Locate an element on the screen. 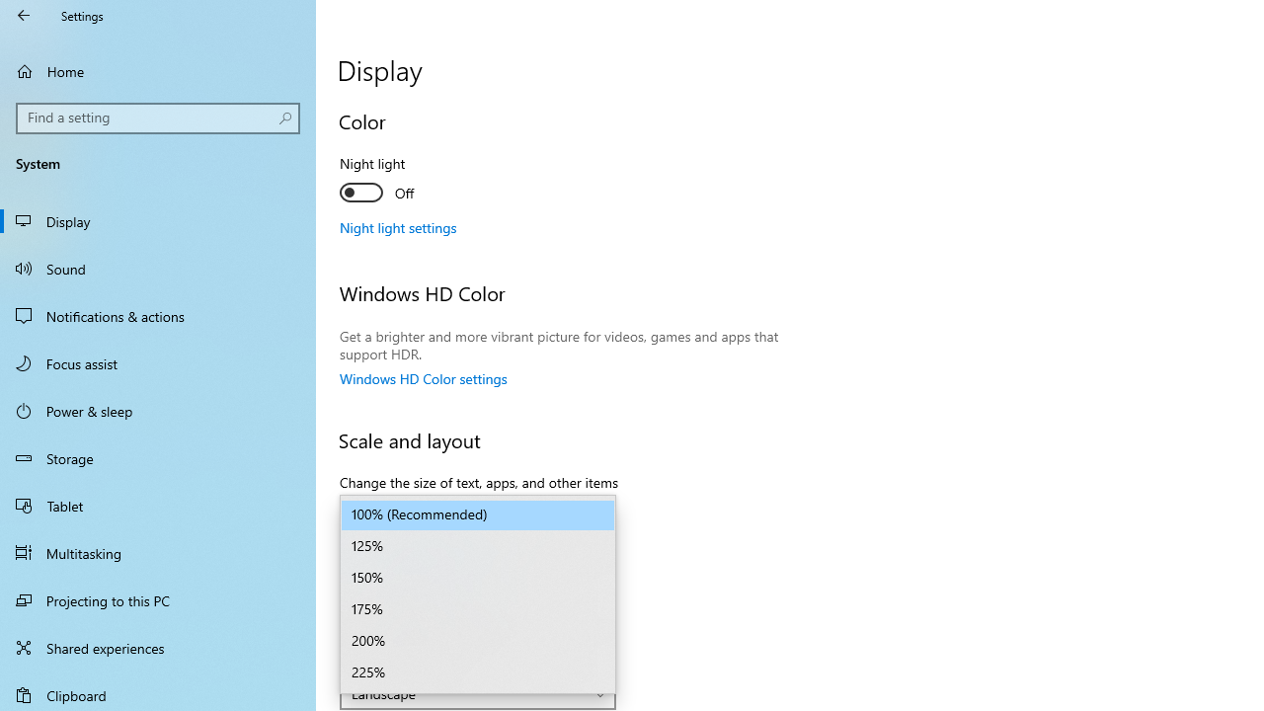  'Windows HD Color settings' is located at coordinates (423, 378).